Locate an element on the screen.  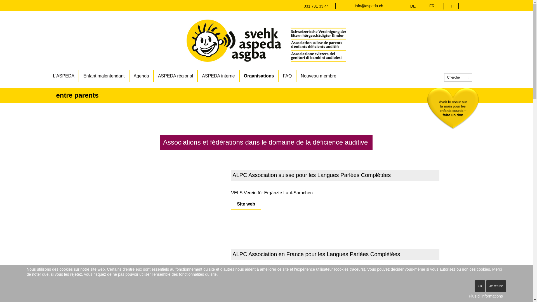
'IT' is located at coordinates (452, 6).